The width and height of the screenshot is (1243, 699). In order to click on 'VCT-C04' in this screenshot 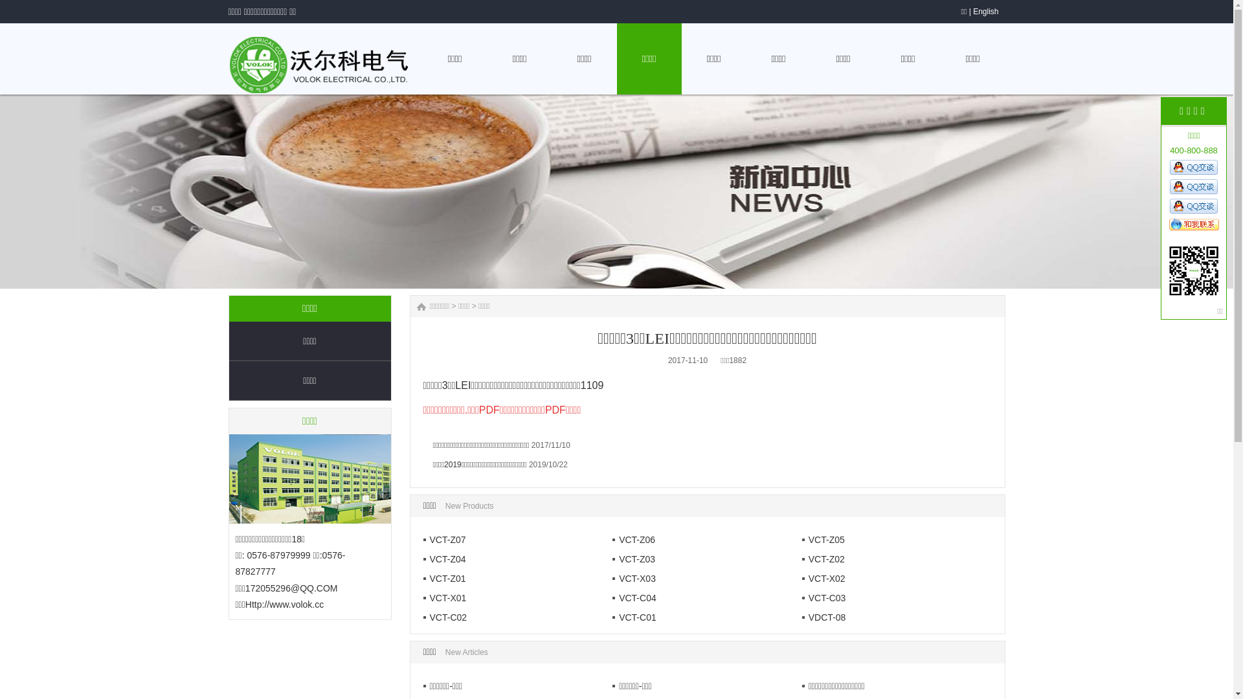, I will do `click(634, 598)`.